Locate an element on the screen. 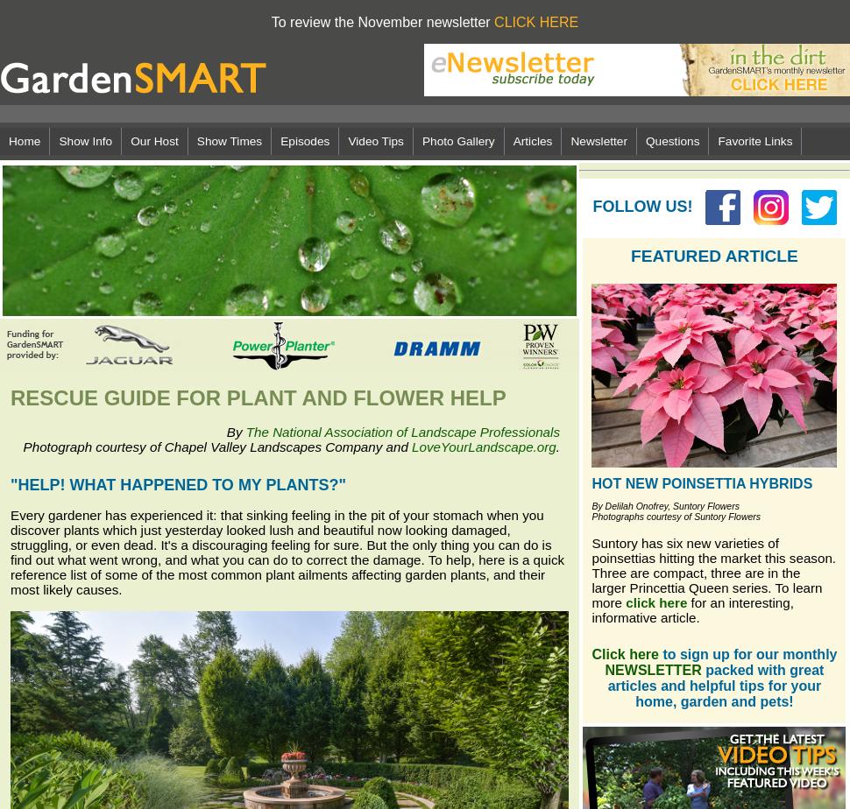  'Hot New Poinsettia Hybrids' is located at coordinates (702, 482).